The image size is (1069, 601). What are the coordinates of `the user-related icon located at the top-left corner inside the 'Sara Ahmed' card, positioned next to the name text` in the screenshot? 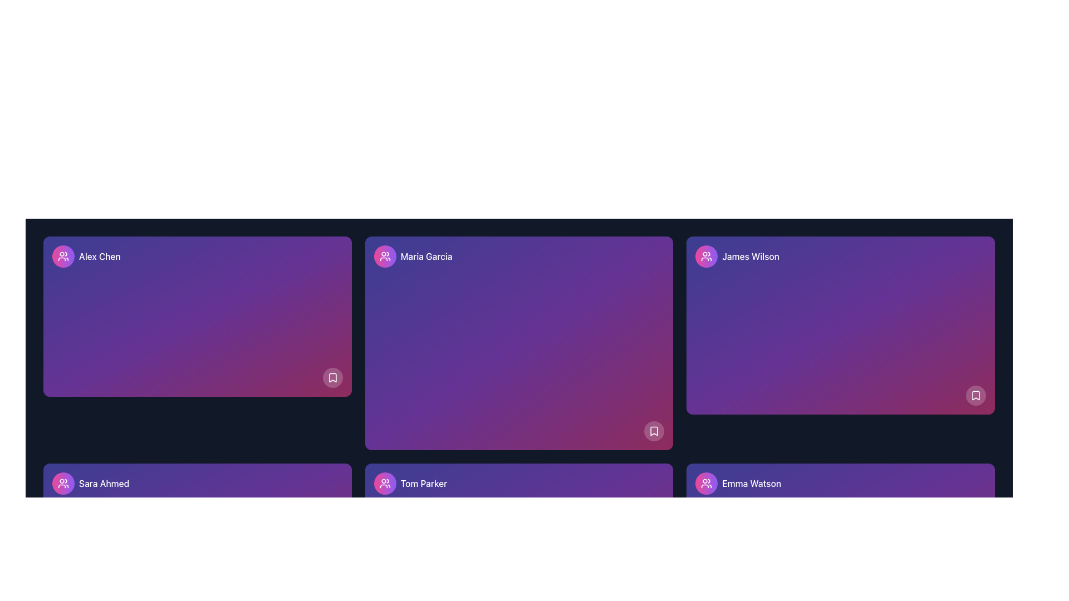 It's located at (63, 482).